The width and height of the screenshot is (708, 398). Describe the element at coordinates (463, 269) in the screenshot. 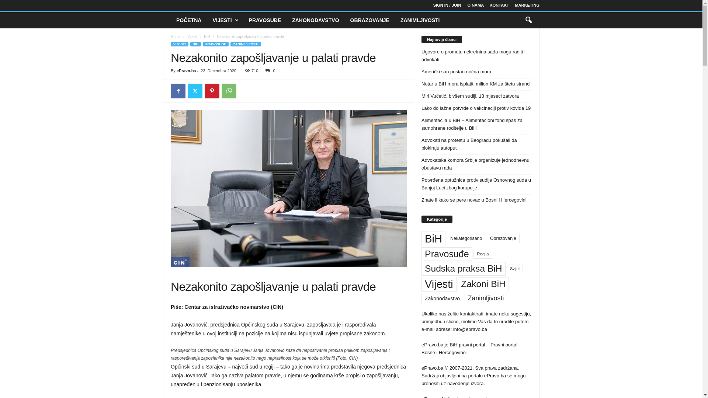

I see `'Sudska praksa BiH'` at that location.